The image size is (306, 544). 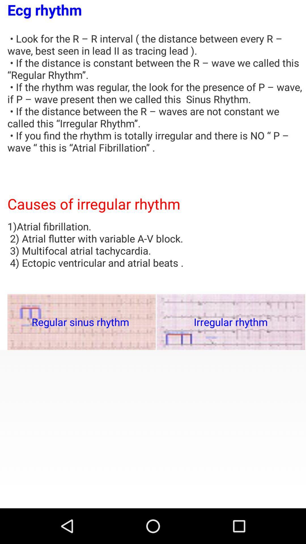 What do you see at coordinates (82, 322) in the screenshot?
I see `the item below 1 atrial fibrillation` at bounding box center [82, 322].